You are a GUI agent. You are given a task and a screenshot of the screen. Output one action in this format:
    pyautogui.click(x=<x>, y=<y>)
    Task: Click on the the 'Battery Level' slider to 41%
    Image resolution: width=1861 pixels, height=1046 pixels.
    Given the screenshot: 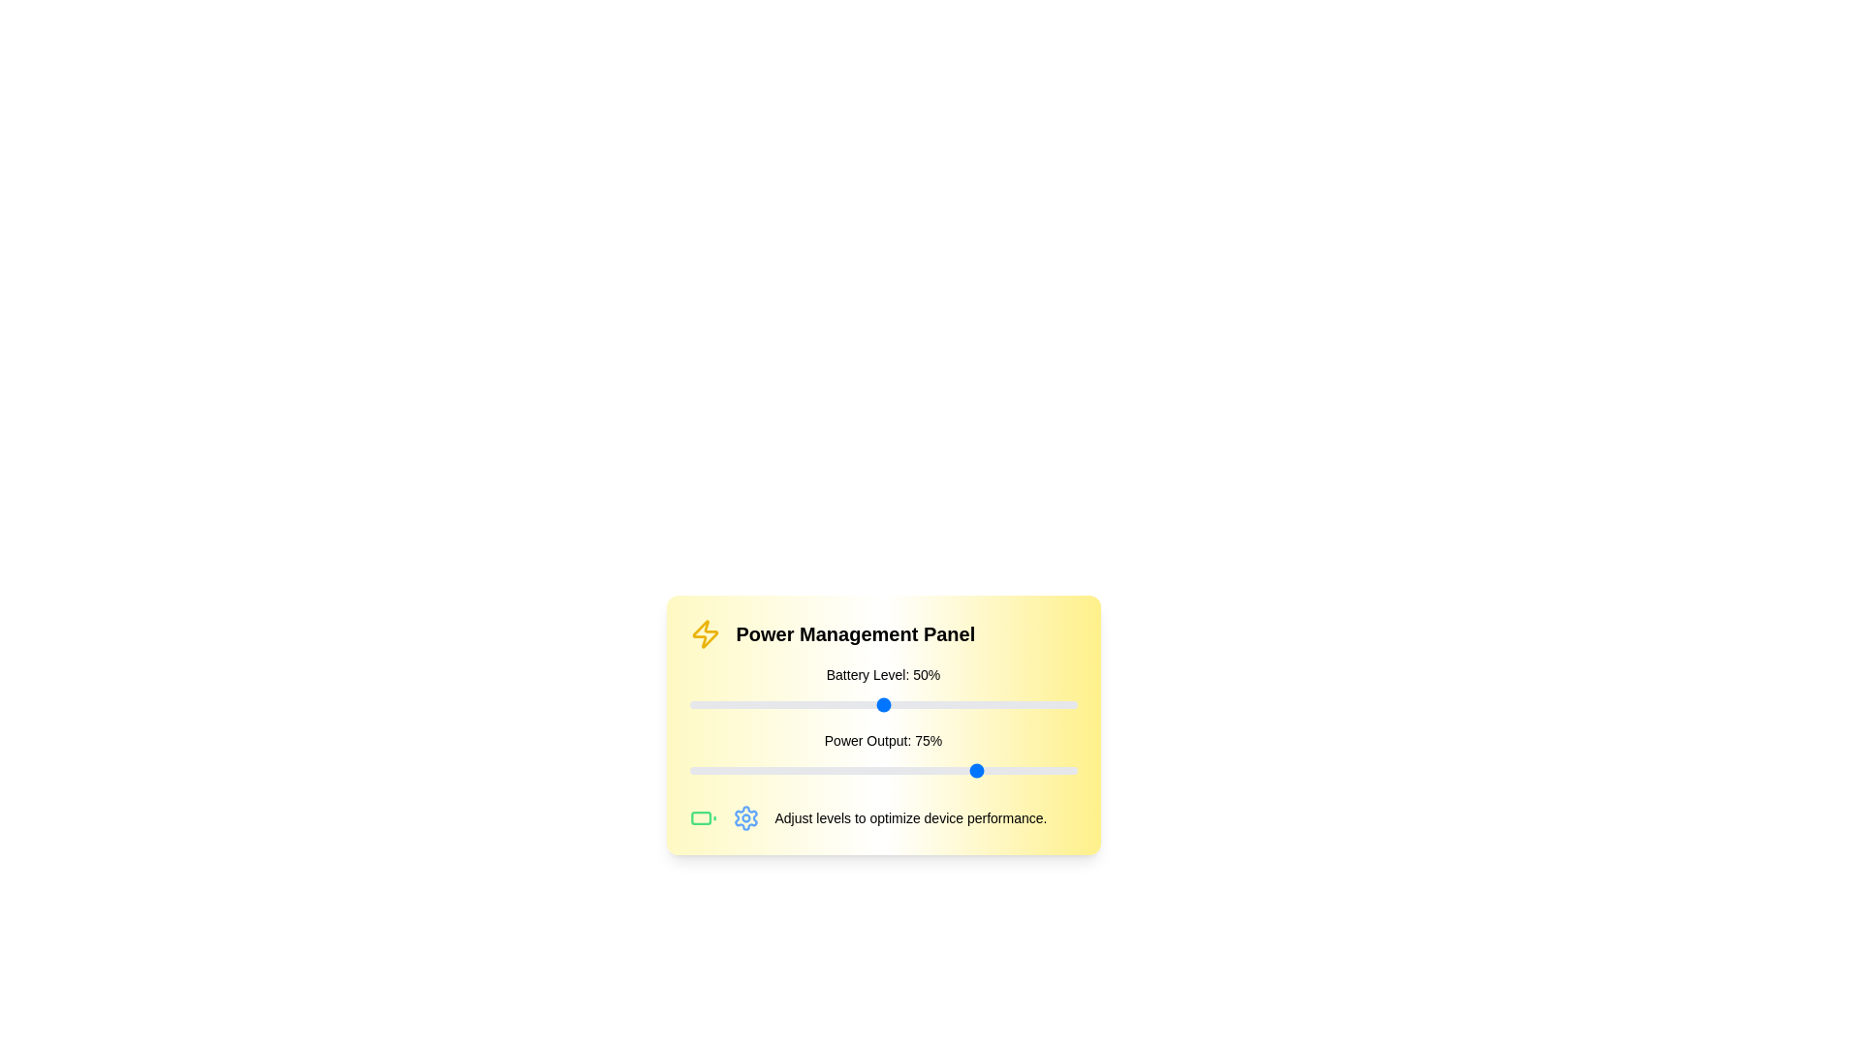 What is the action you would take?
    pyautogui.click(x=848, y=705)
    